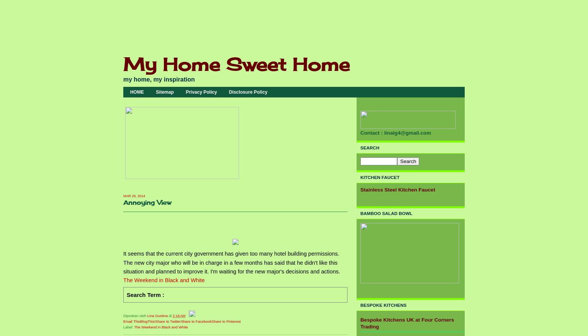  What do you see at coordinates (398, 189) in the screenshot?
I see `'Stainless Steel Kitchen Faucet'` at bounding box center [398, 189].